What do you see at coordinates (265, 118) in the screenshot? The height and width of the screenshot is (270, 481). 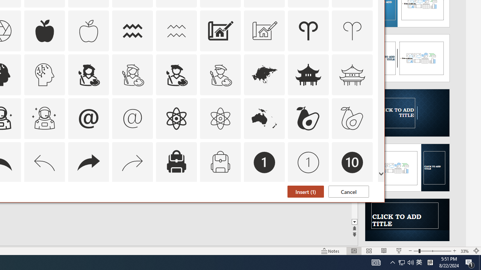 I see `'AutomationID: Icons_Australia'` at bounding box center [265, 118].